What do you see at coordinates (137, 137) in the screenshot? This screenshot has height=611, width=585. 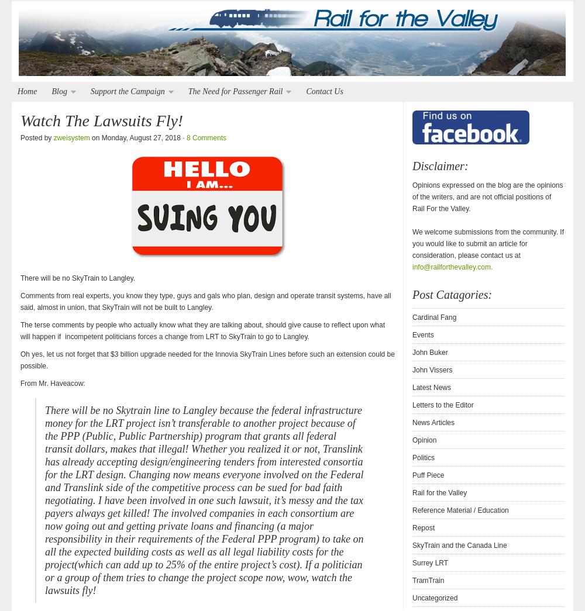 I see `'on Monday, August 27, 2018 ·'` at bounding box center [137, 137].